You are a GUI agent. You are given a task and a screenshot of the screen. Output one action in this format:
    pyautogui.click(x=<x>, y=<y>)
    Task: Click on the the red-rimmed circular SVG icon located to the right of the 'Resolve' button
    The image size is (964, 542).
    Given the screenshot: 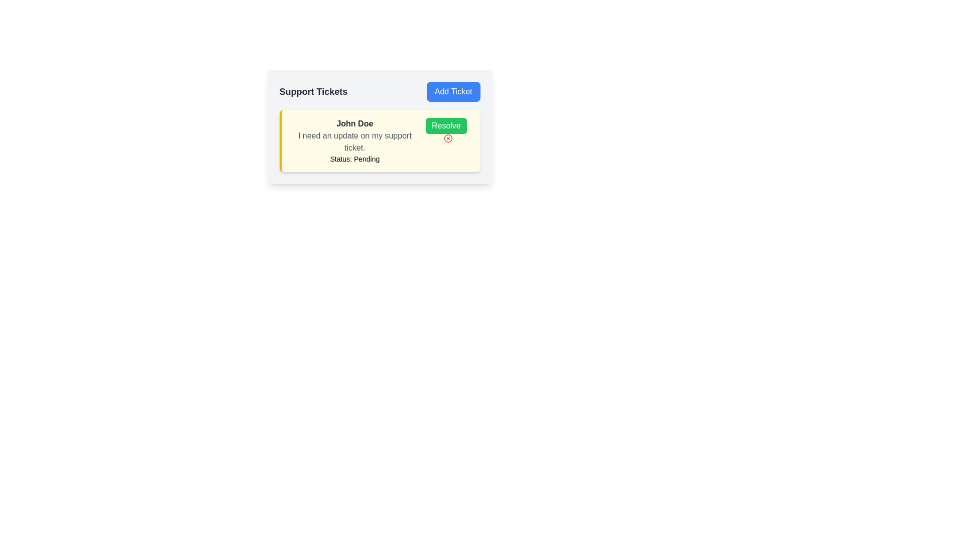 What is the action you would take?
    pyautogui.click(x=447, y=139)
    